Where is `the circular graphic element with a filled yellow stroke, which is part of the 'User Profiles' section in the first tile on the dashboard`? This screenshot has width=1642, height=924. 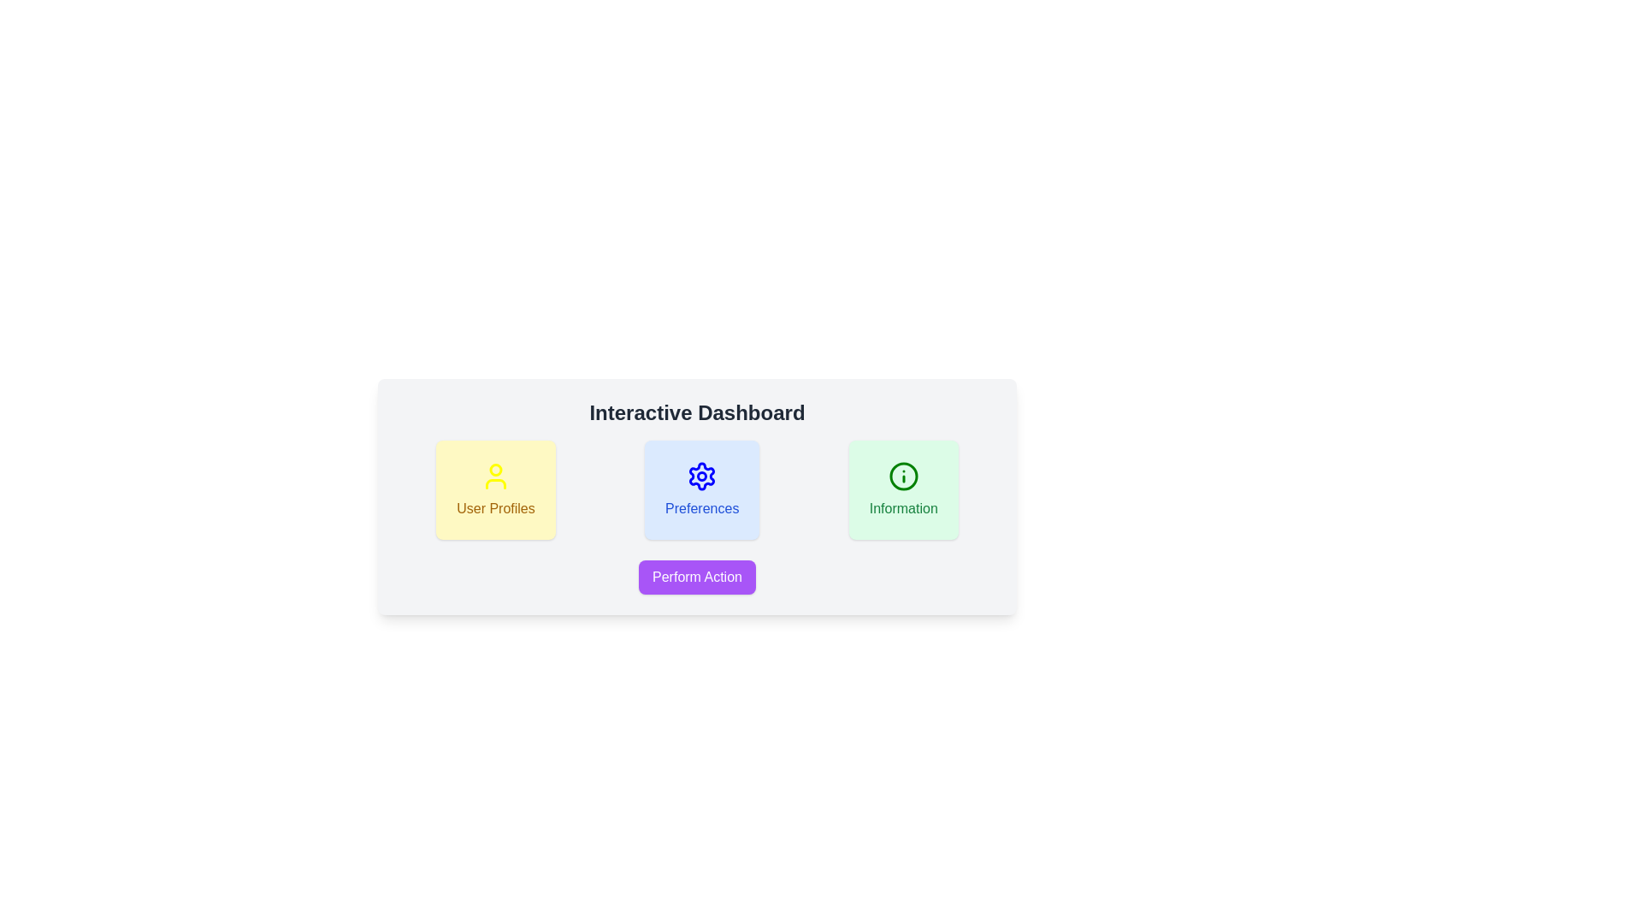 the circular graphic element with a filled yellow stroke, which is part of the 'User Profiles' section in the first tile on the dashboard is located at coordinates (495, 470).